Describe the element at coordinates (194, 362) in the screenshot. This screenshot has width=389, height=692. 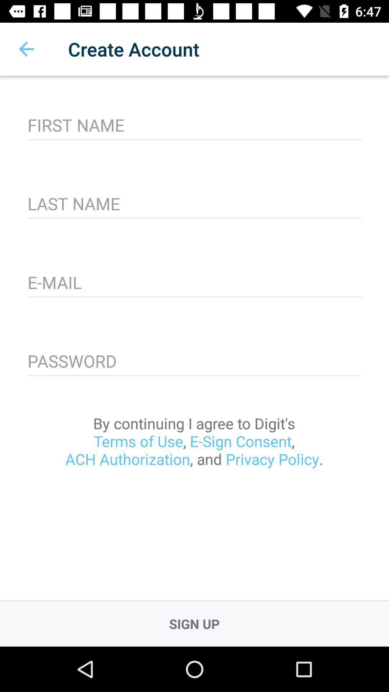
I see `item above the by continuing i icon` at that location.